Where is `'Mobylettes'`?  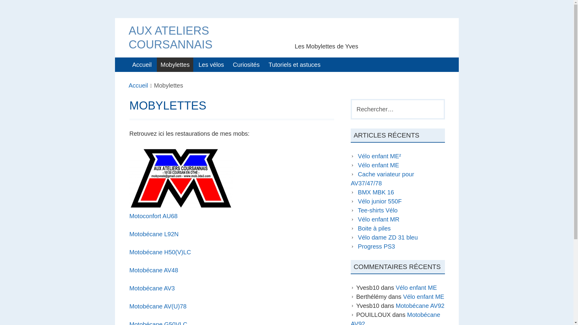
'Mobylettes' is located at coordinates (175, 65).